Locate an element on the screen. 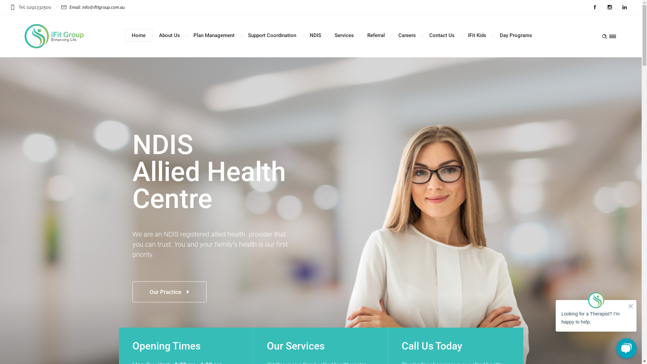 This screenshot has height=364, width=647. 'Plan Management' is located at coordinates (213, 35).